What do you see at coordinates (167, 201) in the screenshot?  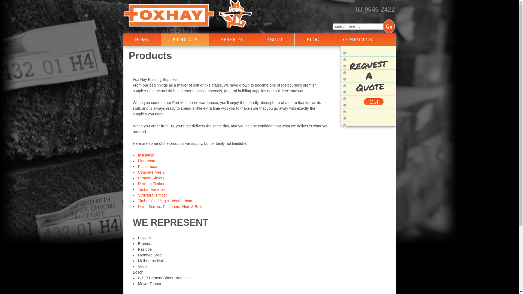 I see `'Timber Cladding & Weatherboards'` at bounding box center [167, 201].